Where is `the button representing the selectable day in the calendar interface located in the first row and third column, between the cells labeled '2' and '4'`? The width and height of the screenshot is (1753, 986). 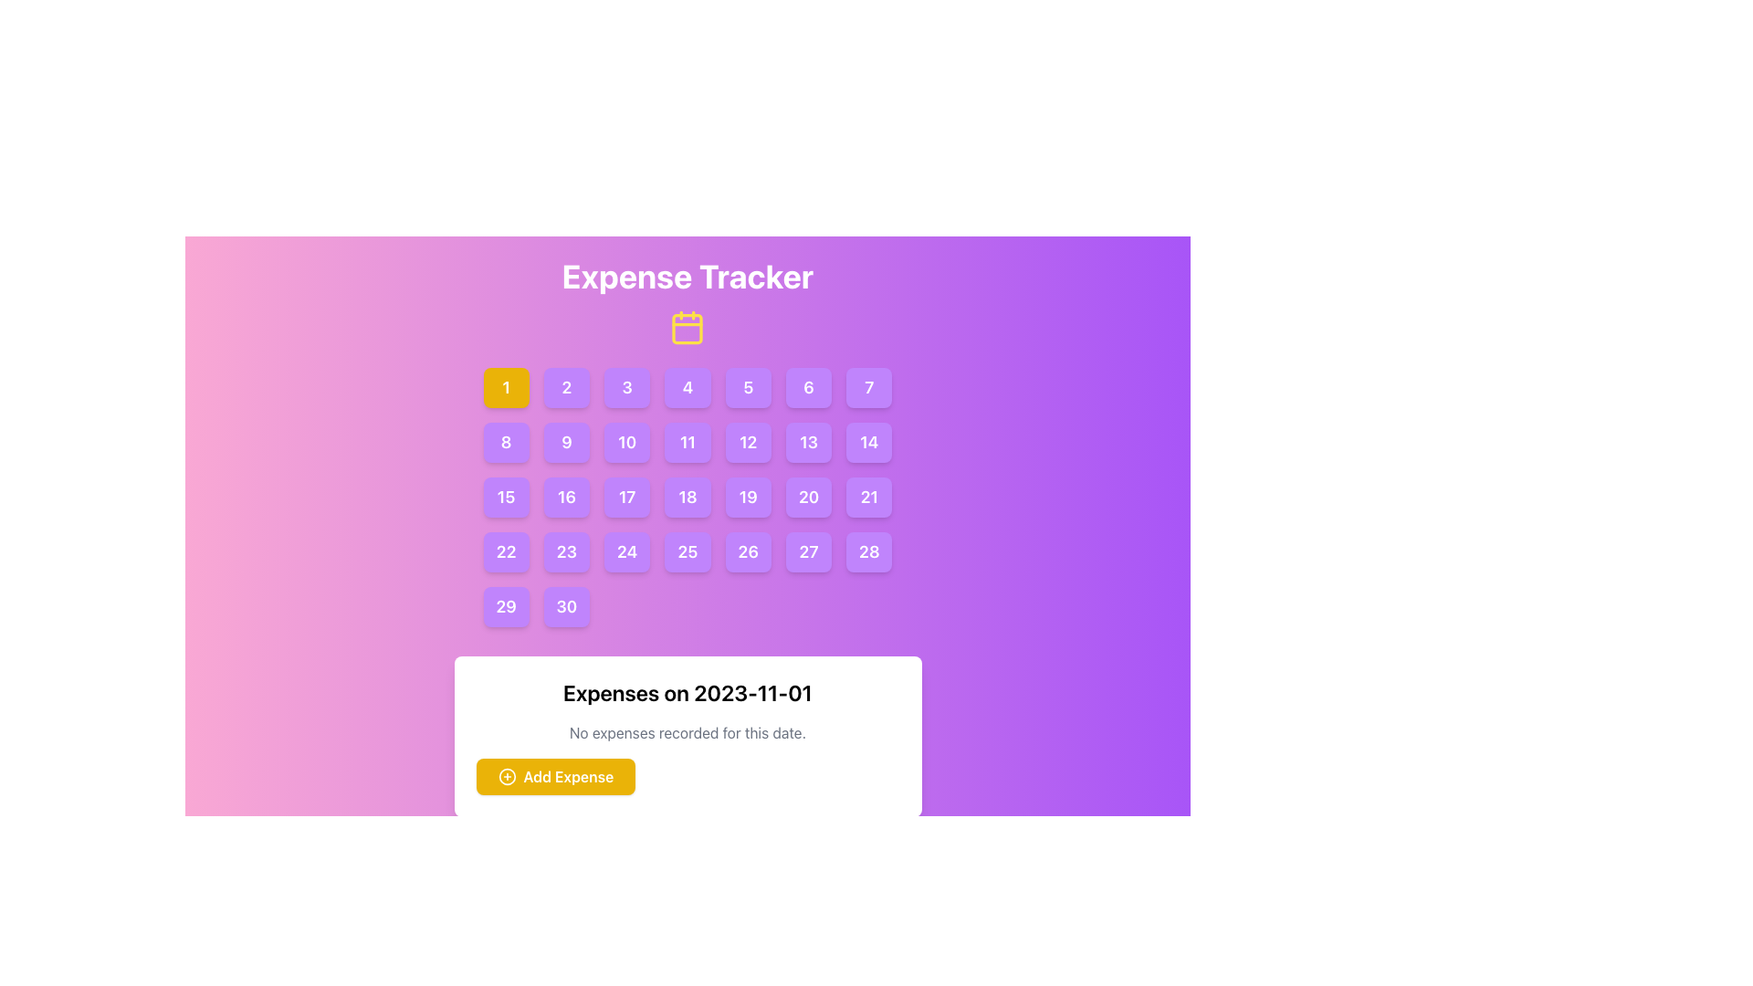 the button representing the selectable day in the calendar interface located in the first row and third column, between the cells labeled '2' and '4' is located at coordinates (627, 386).